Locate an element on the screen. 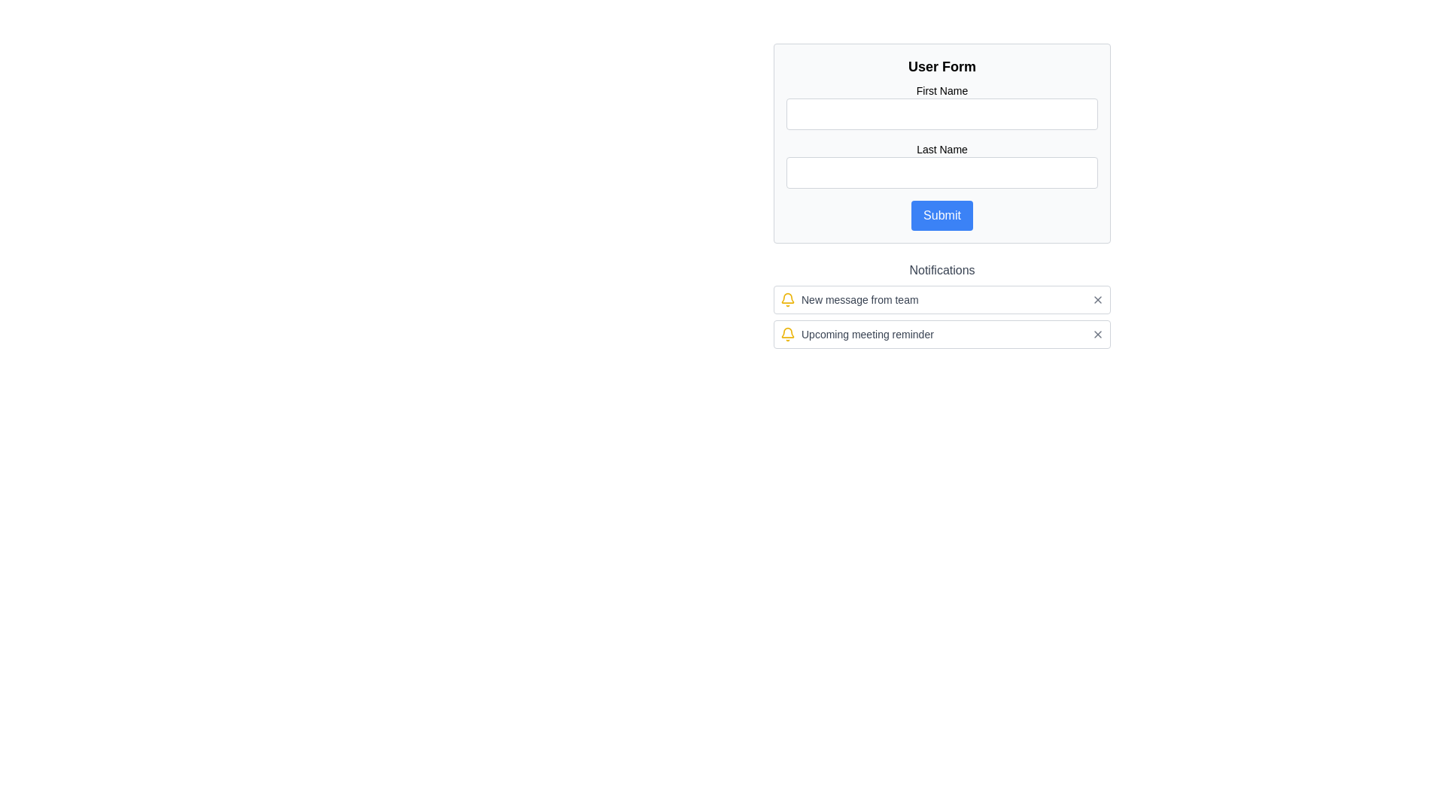  the Text label that informs the user about a new message received from the team, located in the notifications list under the 'Notifications' heading, to the right of the yellow bell icon is located at coordinates (859, 299).